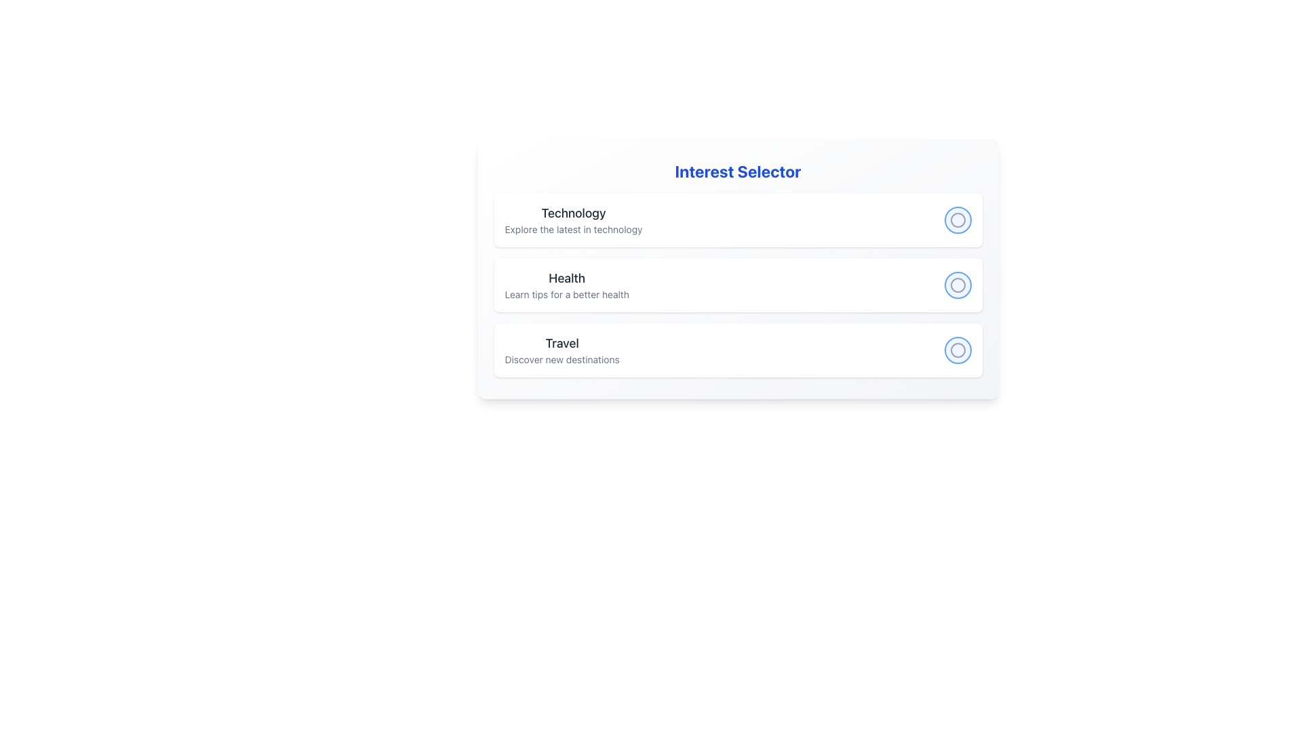 The height and width of the screenshot is (732, 1302). What do you see at coordinates (957, 284) in the screenshot?
I see `the Circular SVG graphic next to the 'Health' label in the vertical list of interest options` at bounding box center [957, 284].